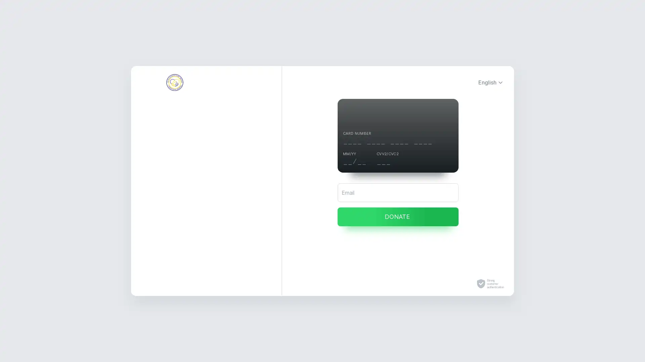 This screenshot has height=362, width=645. What do you see at coordinates (206, 155) in the screenshot?
I see `Card` at bounding box center [206, 155].